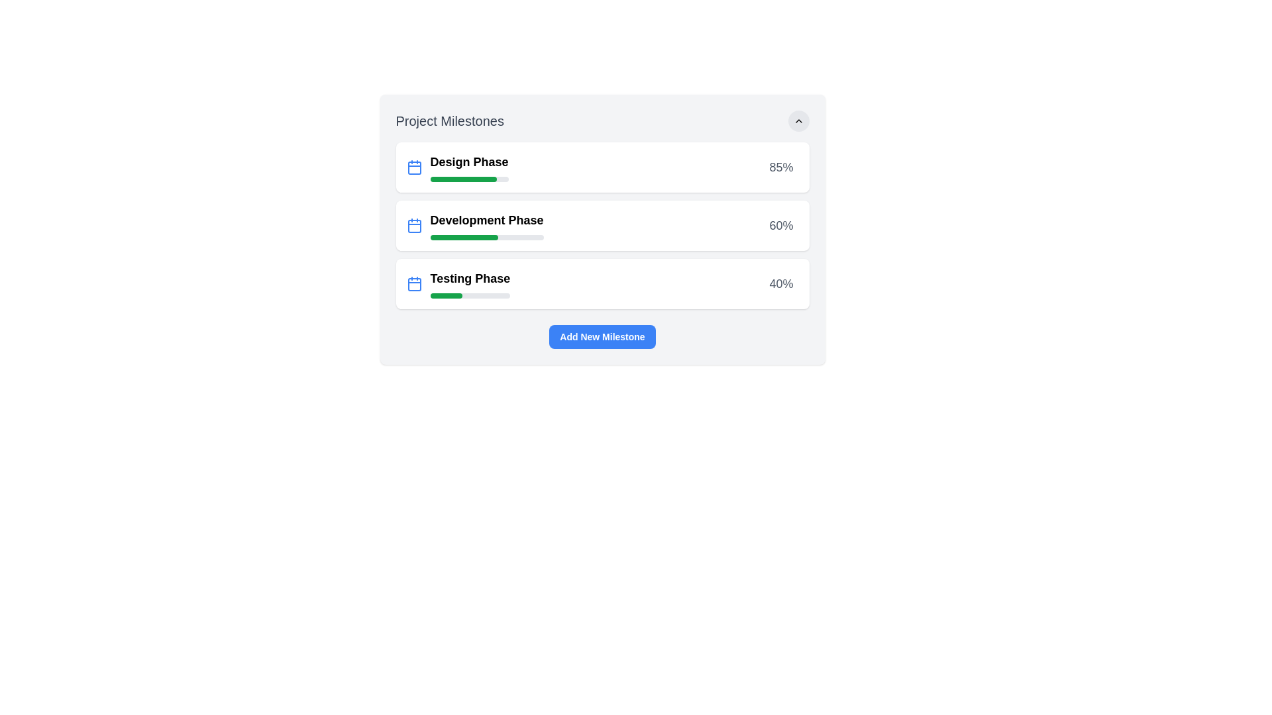  What do you see at coordinates (781, 167) in the screenshot?
I see `the text label indicating the percentage of completion for the 'Design Phase' in the project milestones` at bounding box center [781, 167].